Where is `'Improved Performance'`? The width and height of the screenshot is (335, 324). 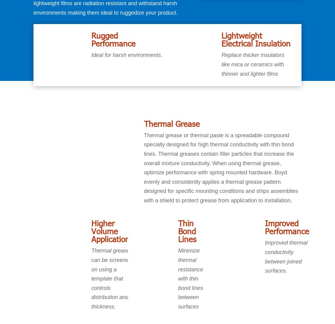
'Improved Performance' is located at coordinates (287, 227).